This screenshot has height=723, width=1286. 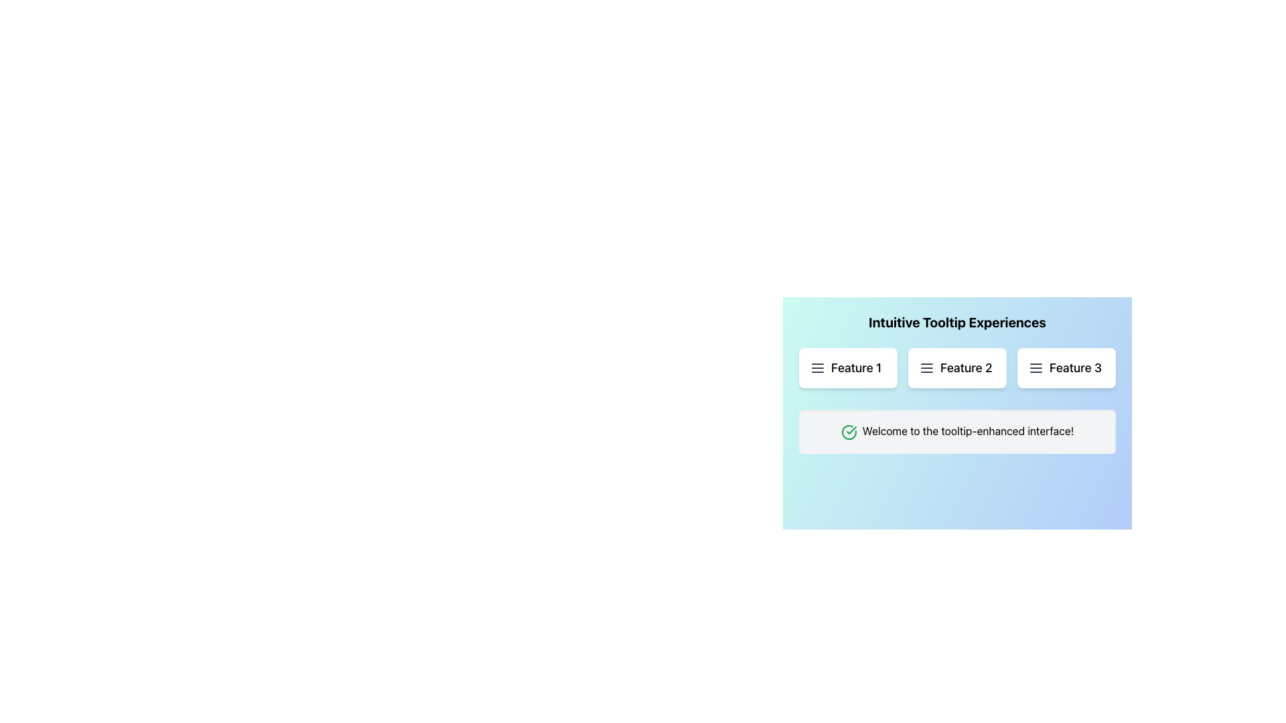 I want to click on the hamburger menu icon located within the 'Feature 3' button in the top-right corner of the section, so click(x=1035, y=368).